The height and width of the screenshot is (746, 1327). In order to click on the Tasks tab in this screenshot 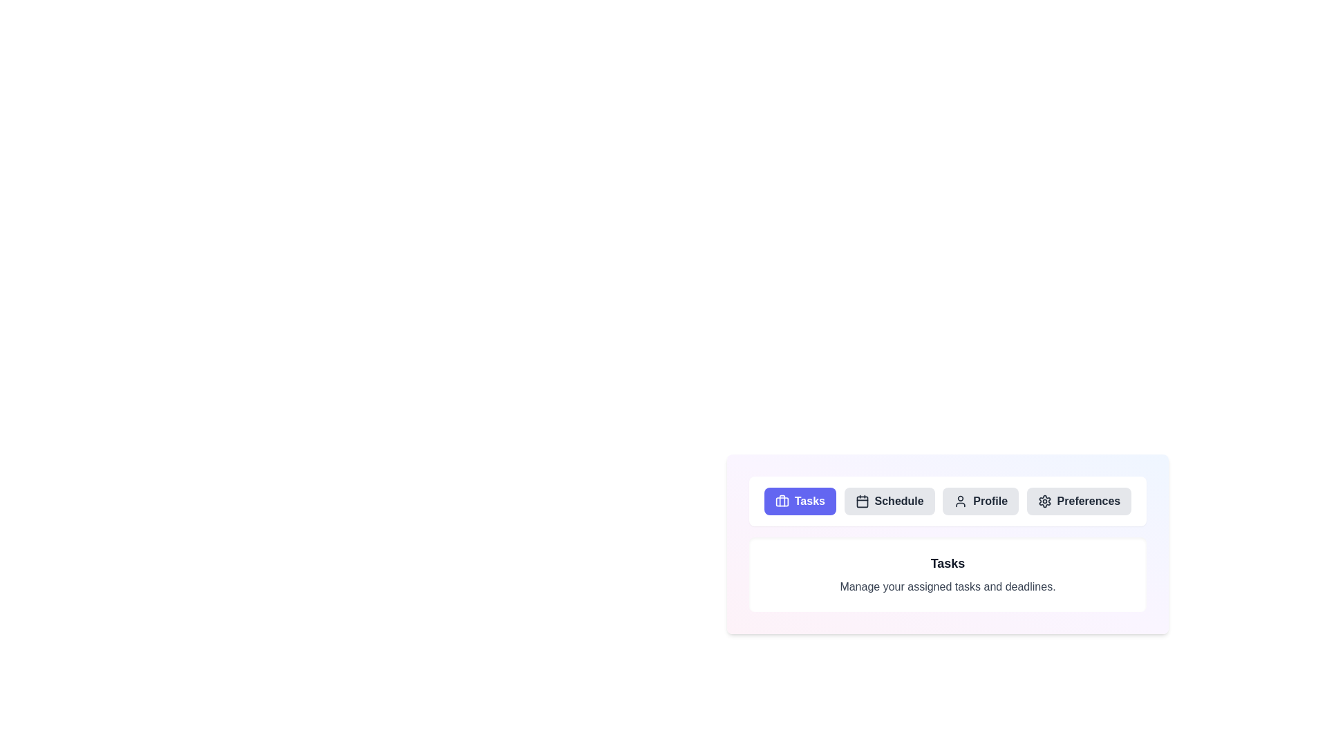, I will do `click(800, 501)`.